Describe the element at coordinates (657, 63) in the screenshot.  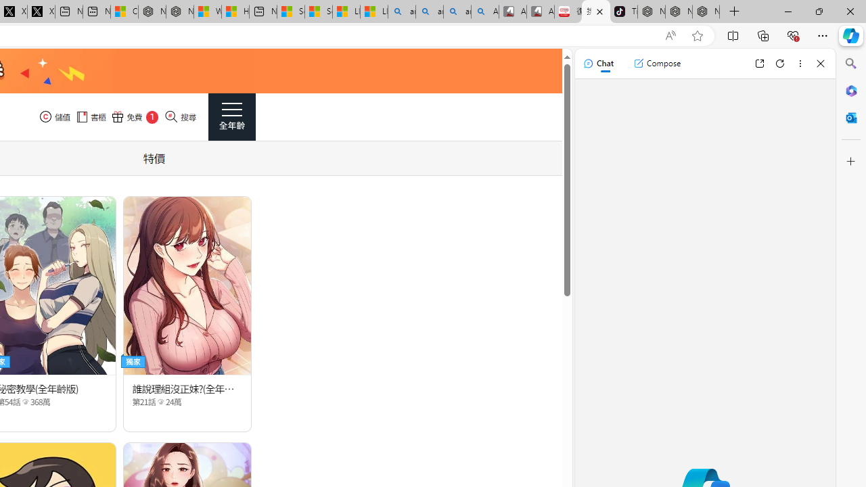
I see `'Compose'` at that location.